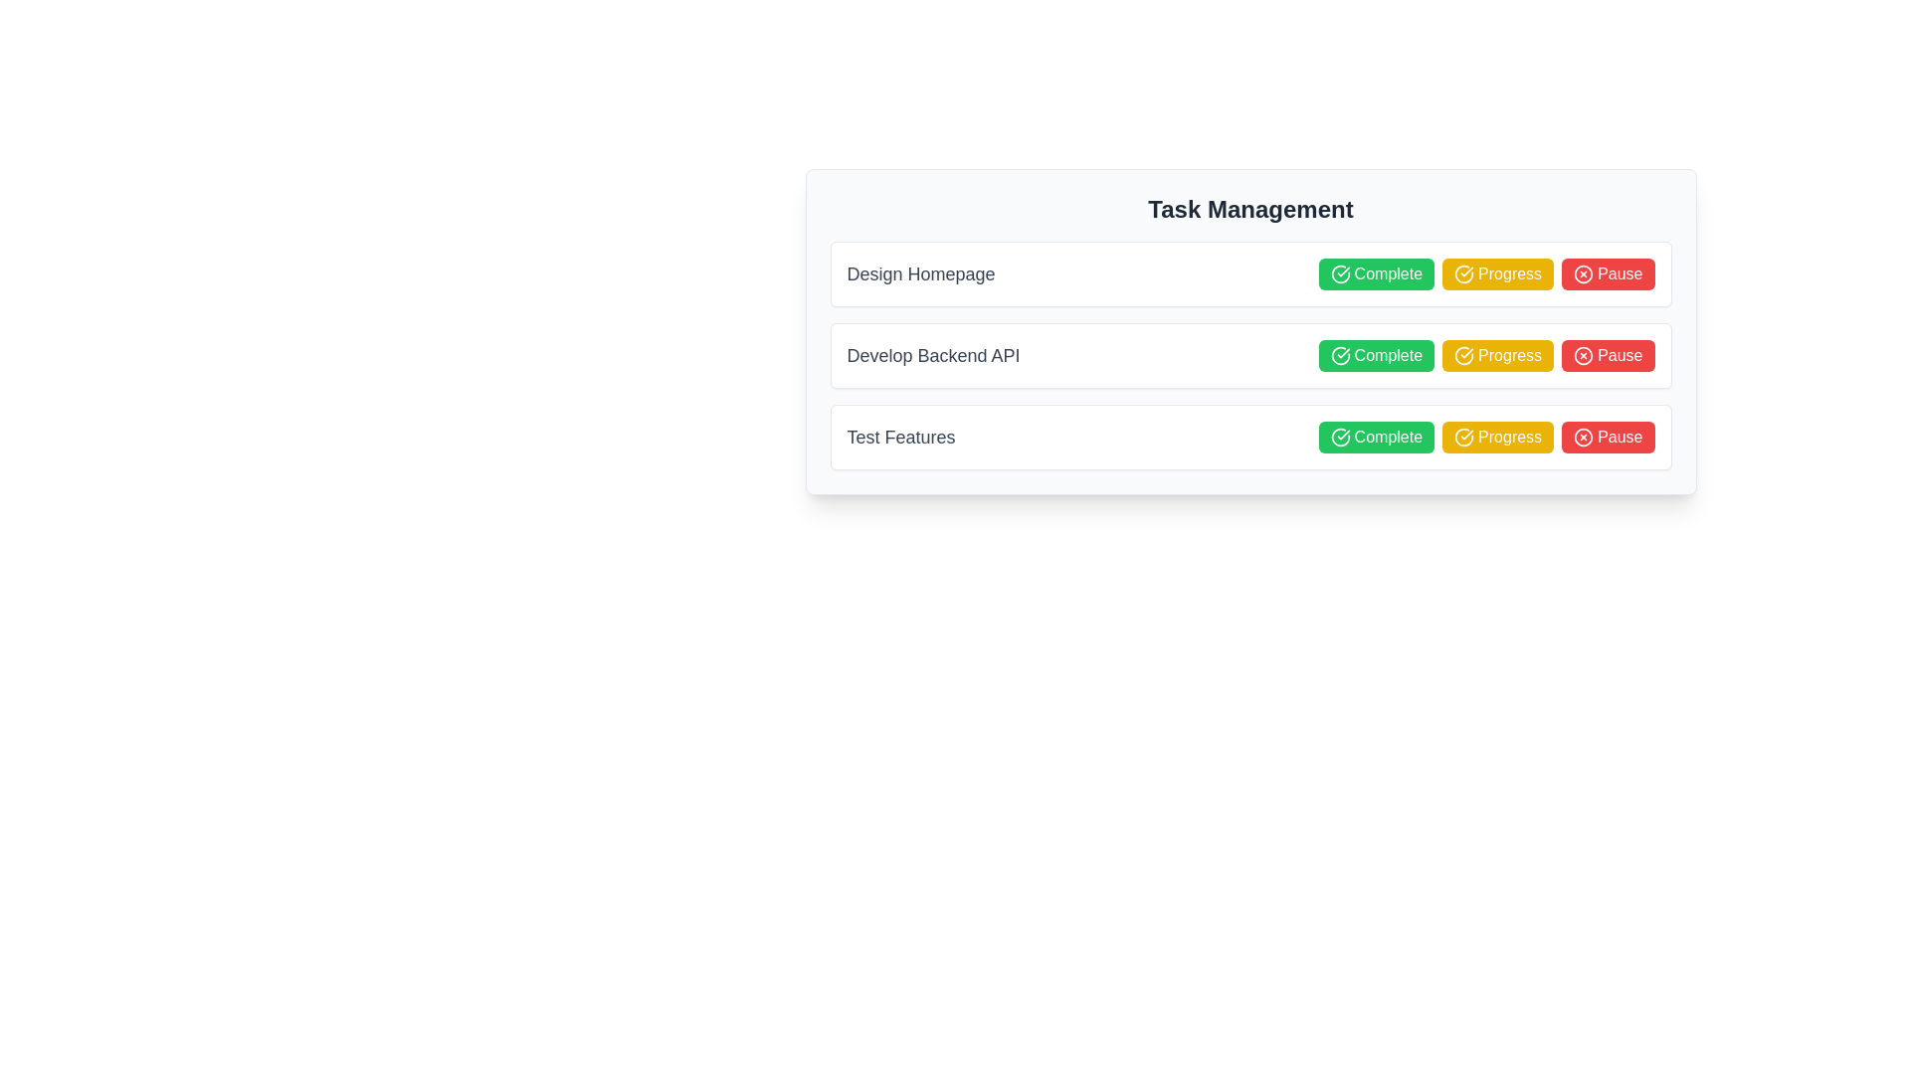 This screenshot has width=1910, height=1074. What do you see at coordinates (1464, 355) in the screenshot?
I see `the circular checkmark icon with a yellow fill and white checkmark, which is part of the status label indicating progress in the 'Progress' section` at bounding box center [1464, 355].